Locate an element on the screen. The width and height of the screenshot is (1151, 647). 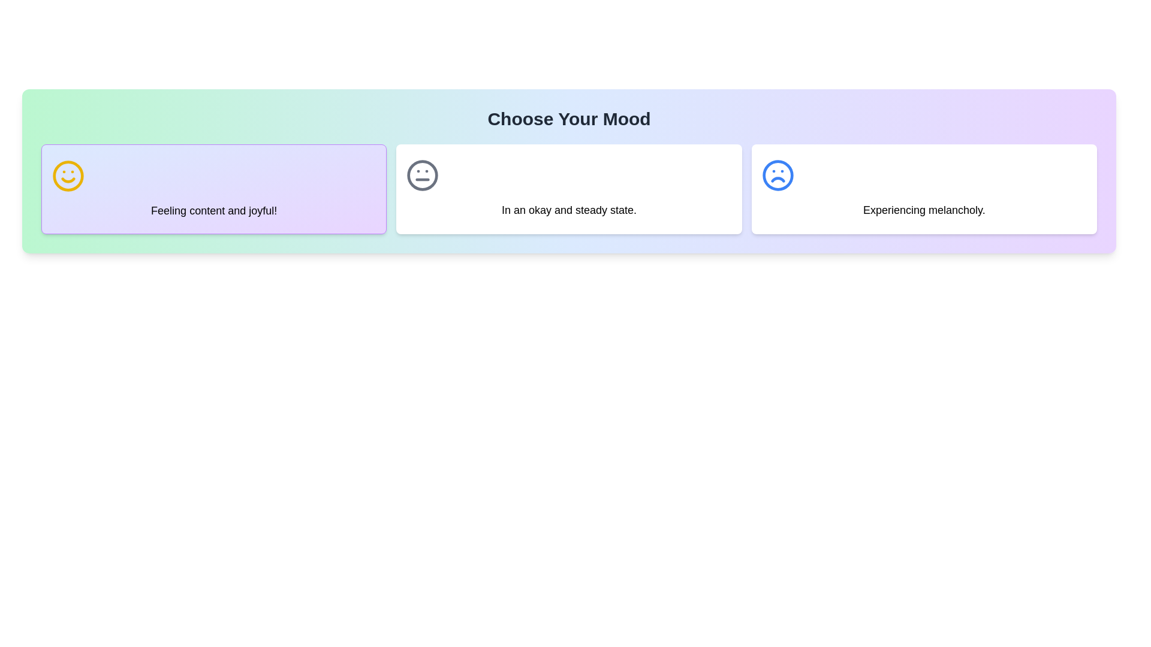
the visual state of the neutral mood icon, which is a circular face located in the middle mood selection box, adjacent to the text 'In an okay and steady state.' is located at coordinates (423, 176).